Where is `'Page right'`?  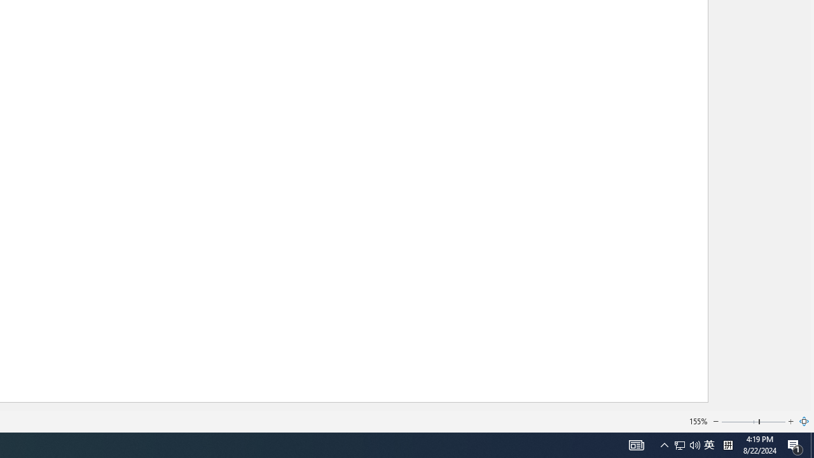 'Page right' is located at coordinates (772, 422).